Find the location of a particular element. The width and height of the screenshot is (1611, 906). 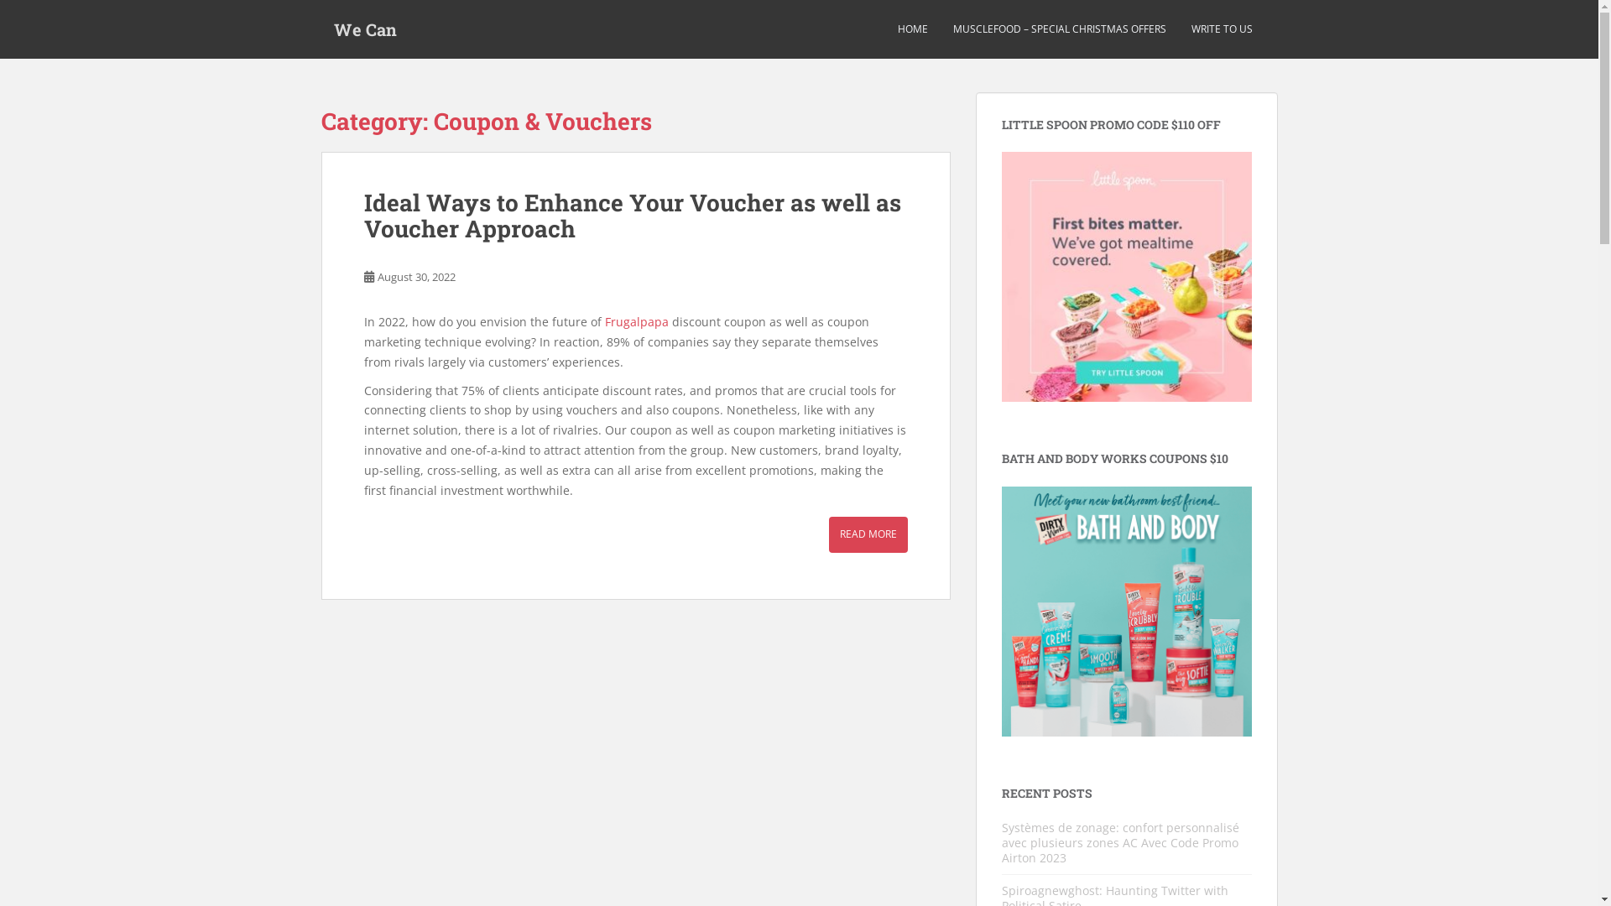

'WRITE TO US' is located at coordinates (1222, 29).